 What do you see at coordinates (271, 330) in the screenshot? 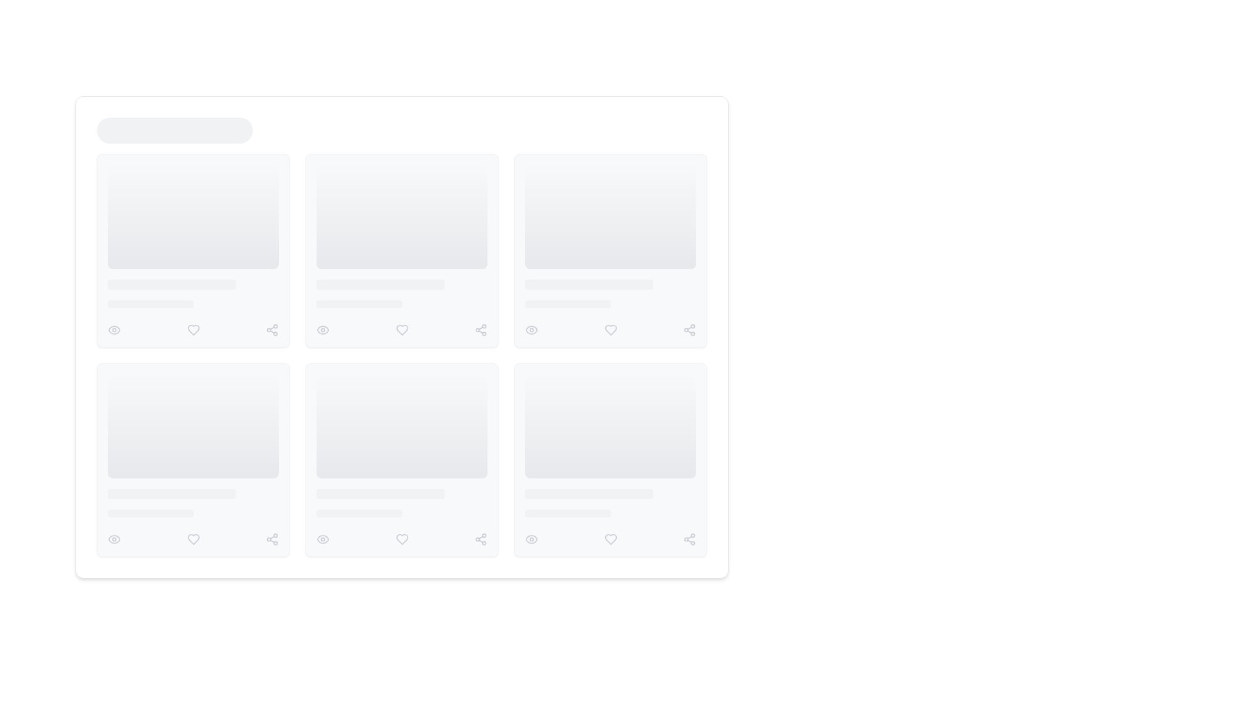
I see `the gray 'share' icon, which is the third icon from the left in a horizontal row beneath an image or card` at bounding box center [271, 330].